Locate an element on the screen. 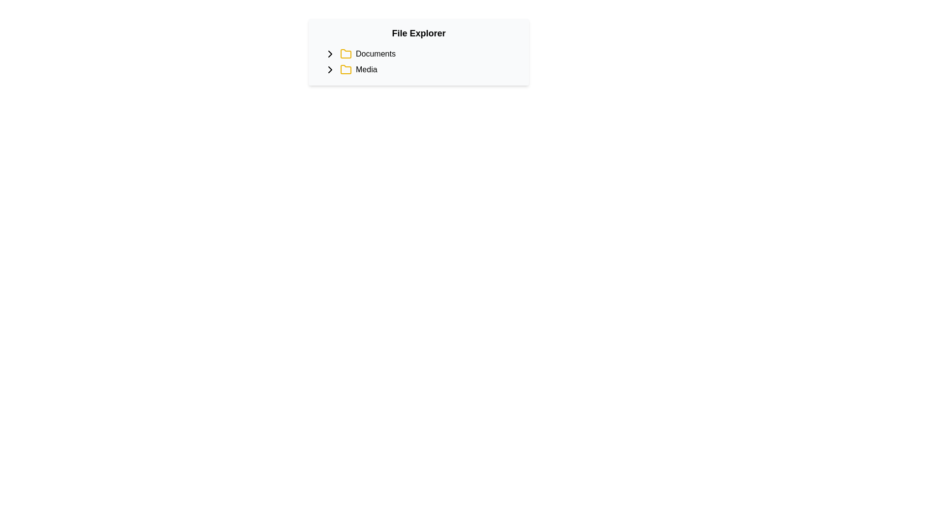 The height and width of the screenshot is (531, 945). the text label 'Media' is located at coordinates (366, 69).